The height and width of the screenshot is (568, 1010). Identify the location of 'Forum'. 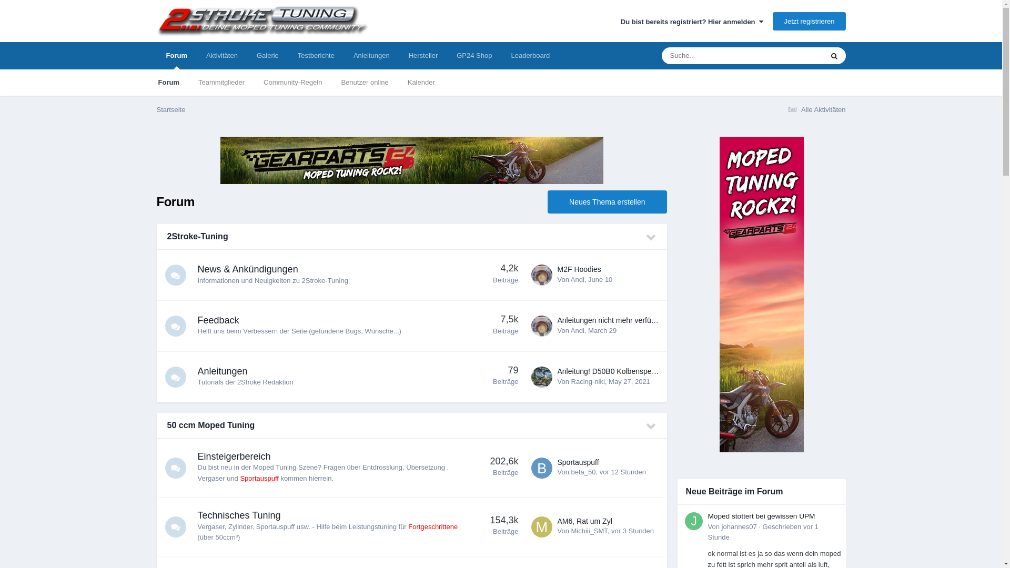
(177, 55).